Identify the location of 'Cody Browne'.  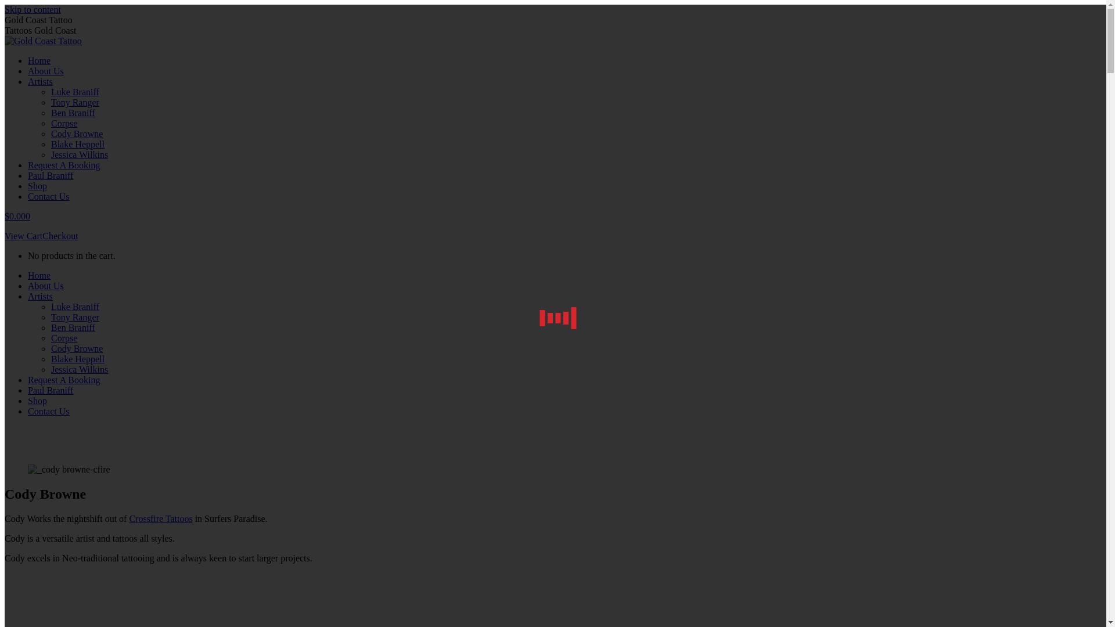
(76, 133).